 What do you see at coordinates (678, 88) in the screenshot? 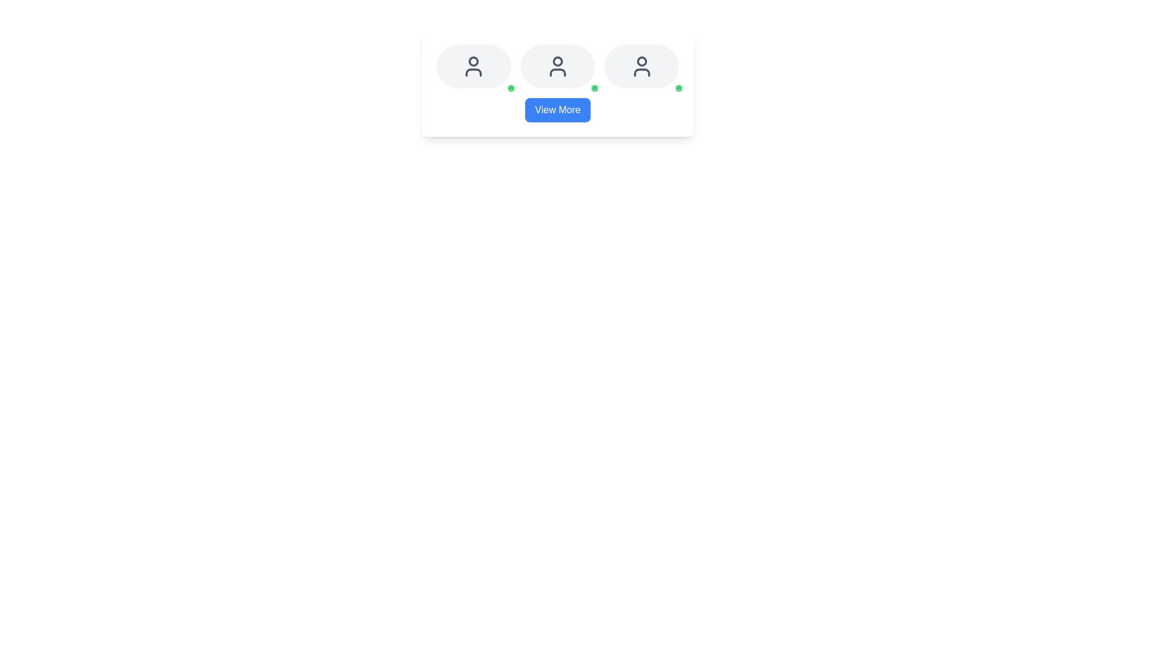
I see `the small circular Status Indicator with a green background and a smiley face icon located at the bottom-right corner of the rounded profile icon` at bounding box center [678, 88].